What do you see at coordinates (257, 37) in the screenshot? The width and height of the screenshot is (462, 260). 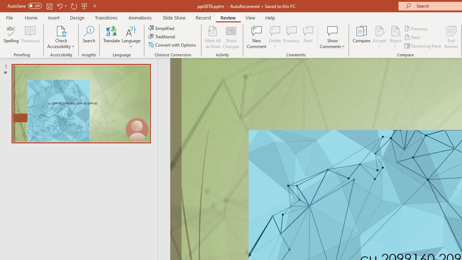 I see `'New Comment'` at bounding box center [257, 37].